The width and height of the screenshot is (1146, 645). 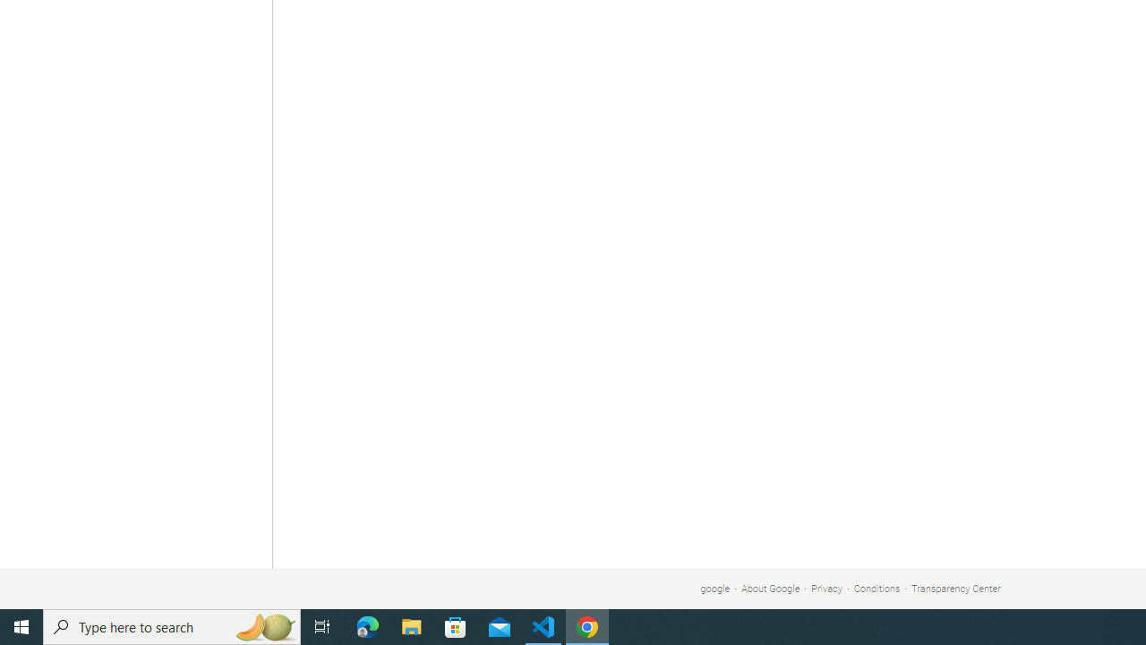 I want to click on 'File Explorer', so click(x=411, y=625).